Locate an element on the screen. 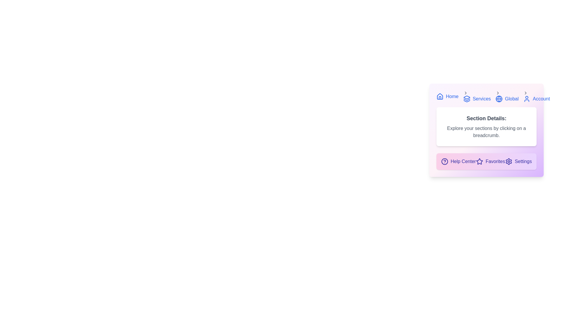 This screenshot has width=567, height=319. the middle section of the three layers within the SVG icon in the breadcrumb navigation bar is located at coordinates (466, 99).